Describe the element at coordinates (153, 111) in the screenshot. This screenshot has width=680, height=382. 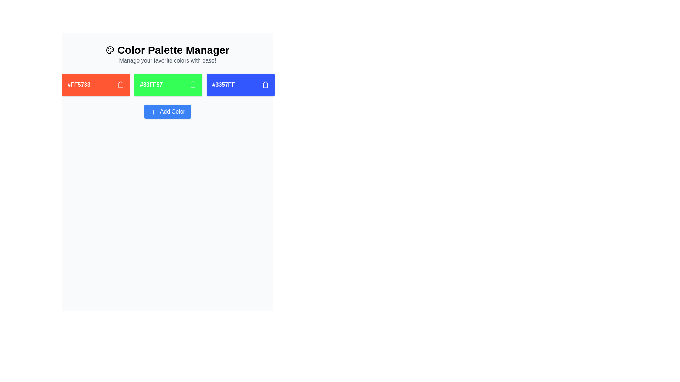
I see `the plus icon within the 'Add Color' button` at that location.